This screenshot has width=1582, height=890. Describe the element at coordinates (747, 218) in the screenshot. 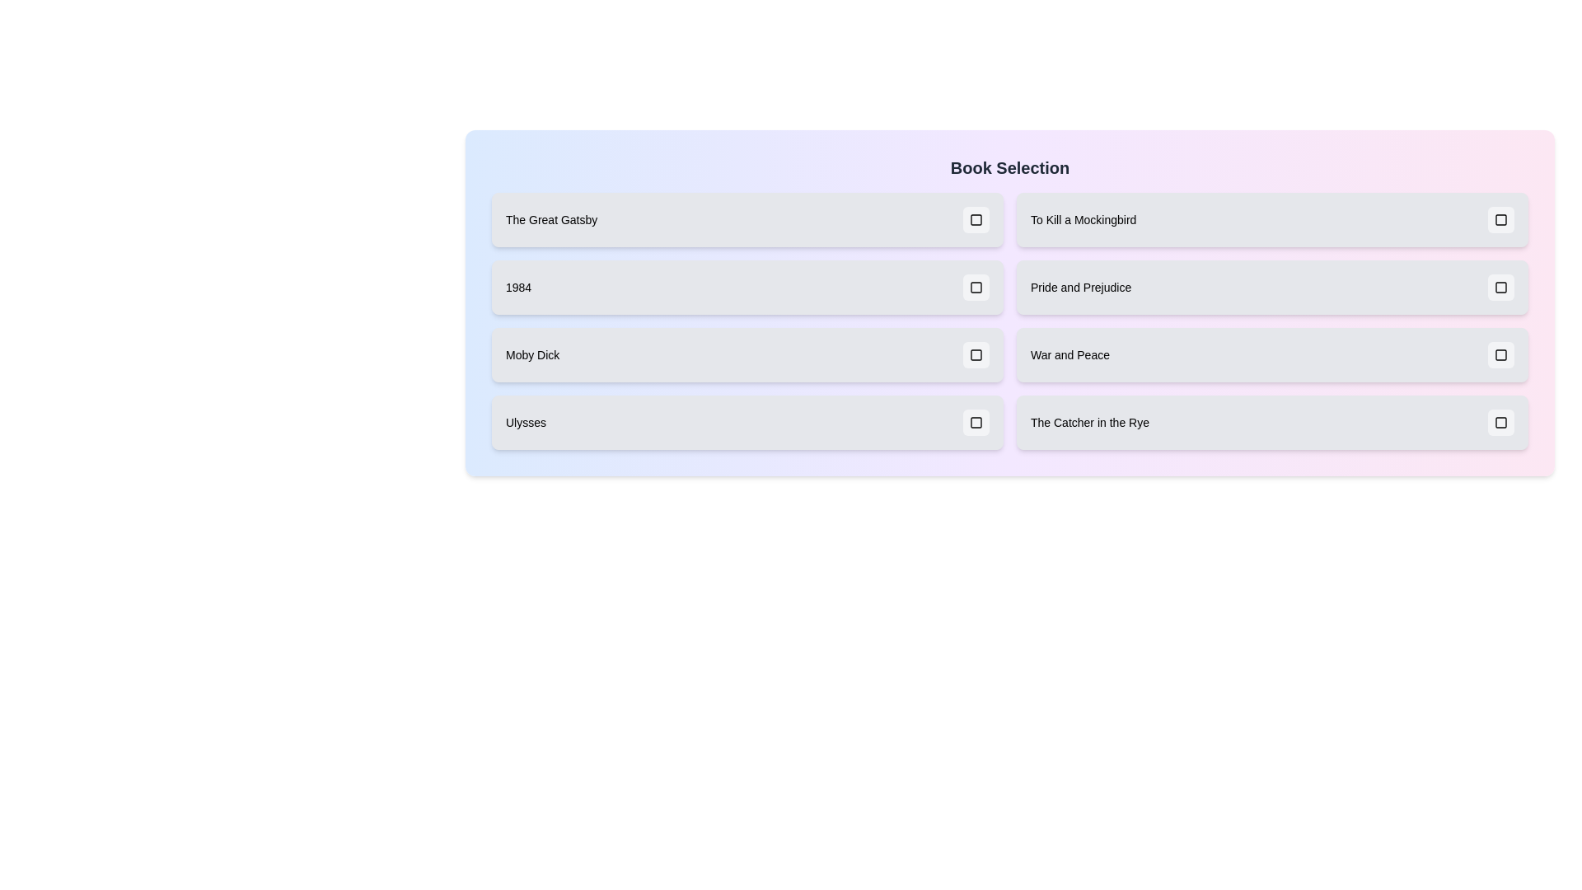

I see `the book title The Great Gatsby to toggle its selection` at that location.